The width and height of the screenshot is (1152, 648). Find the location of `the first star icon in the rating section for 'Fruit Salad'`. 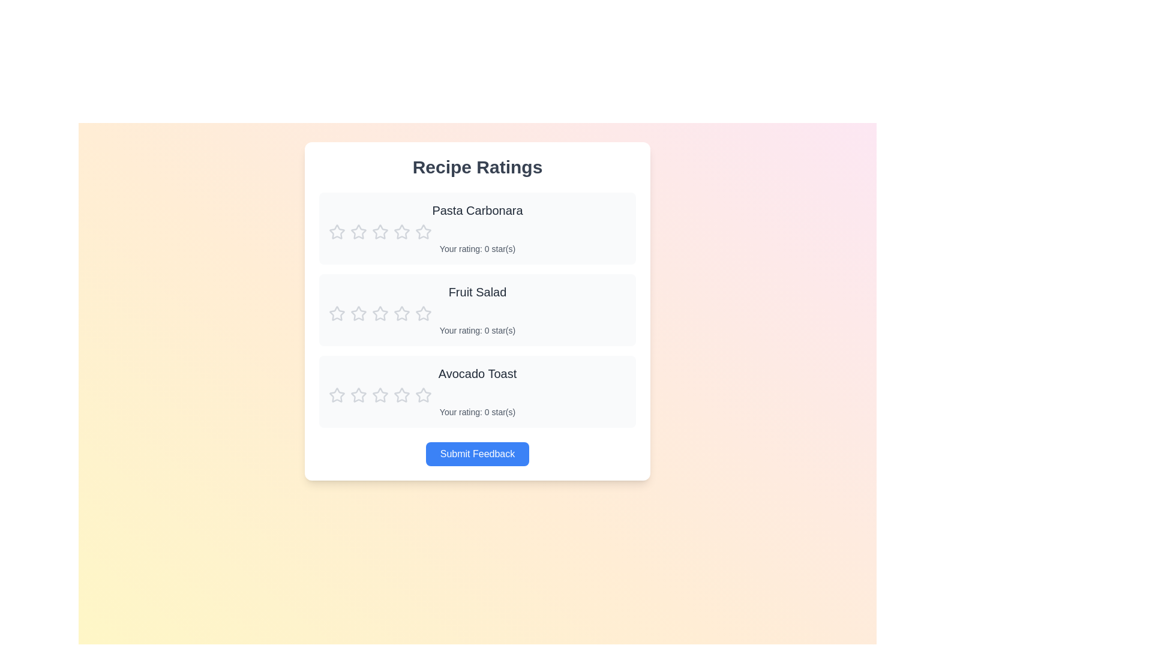

the first star icon in the rating section for 'Fruit Salad' is located at coordinates (402, 313).